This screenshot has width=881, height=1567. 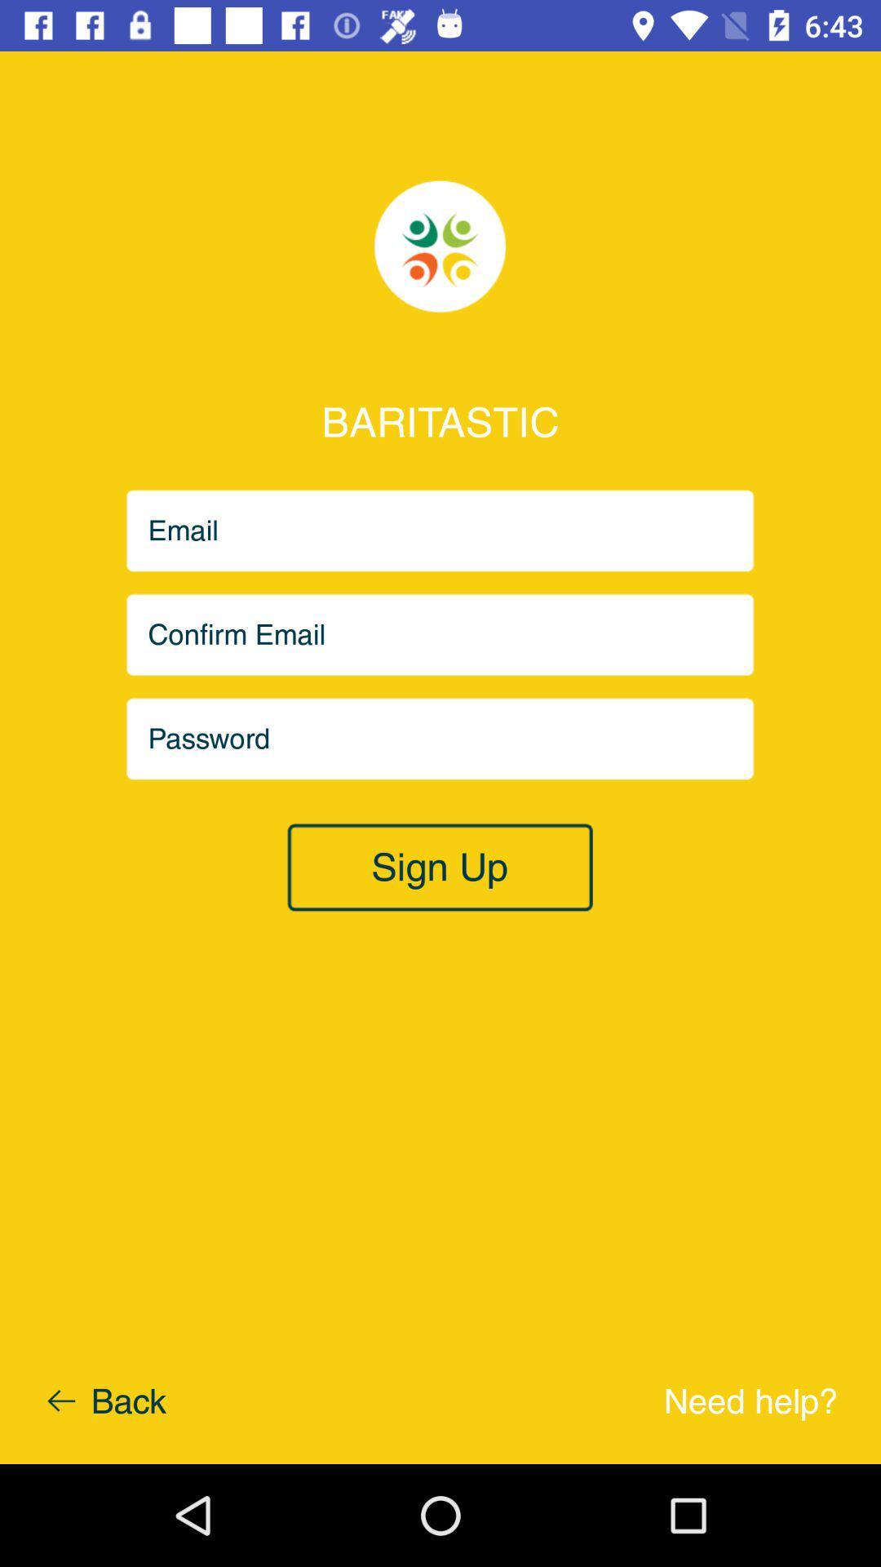 What do you see at coordinates (440, 738) in the screenshot?
I see `text box to enter password` at bounding box center [440, 738].